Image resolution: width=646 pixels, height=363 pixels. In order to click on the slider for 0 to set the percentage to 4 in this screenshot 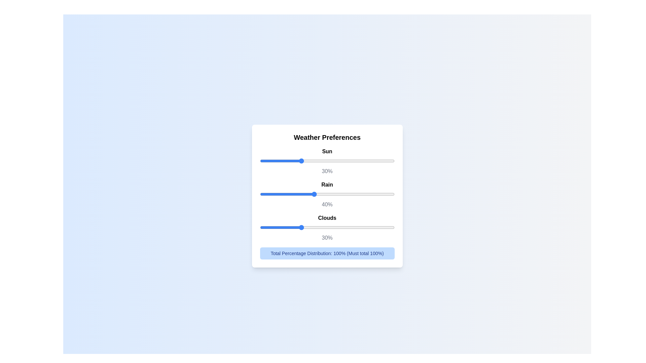, I will do `click(332, 161)`.